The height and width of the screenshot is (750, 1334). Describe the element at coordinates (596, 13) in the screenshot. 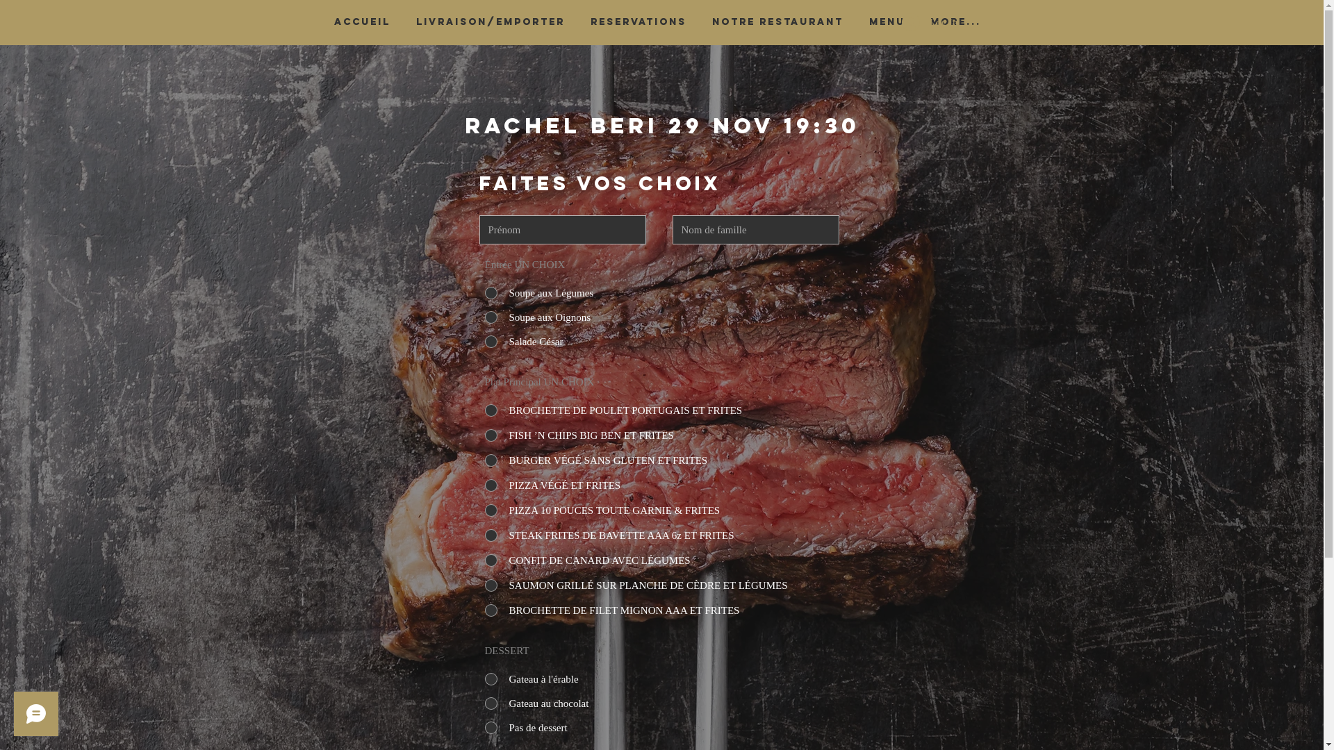

I see `'Conversion Popup'` at that location.